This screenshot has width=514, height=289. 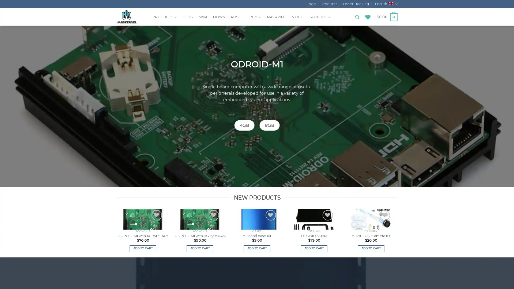 I want to click on Wishlist, so click(x=384, y=215).